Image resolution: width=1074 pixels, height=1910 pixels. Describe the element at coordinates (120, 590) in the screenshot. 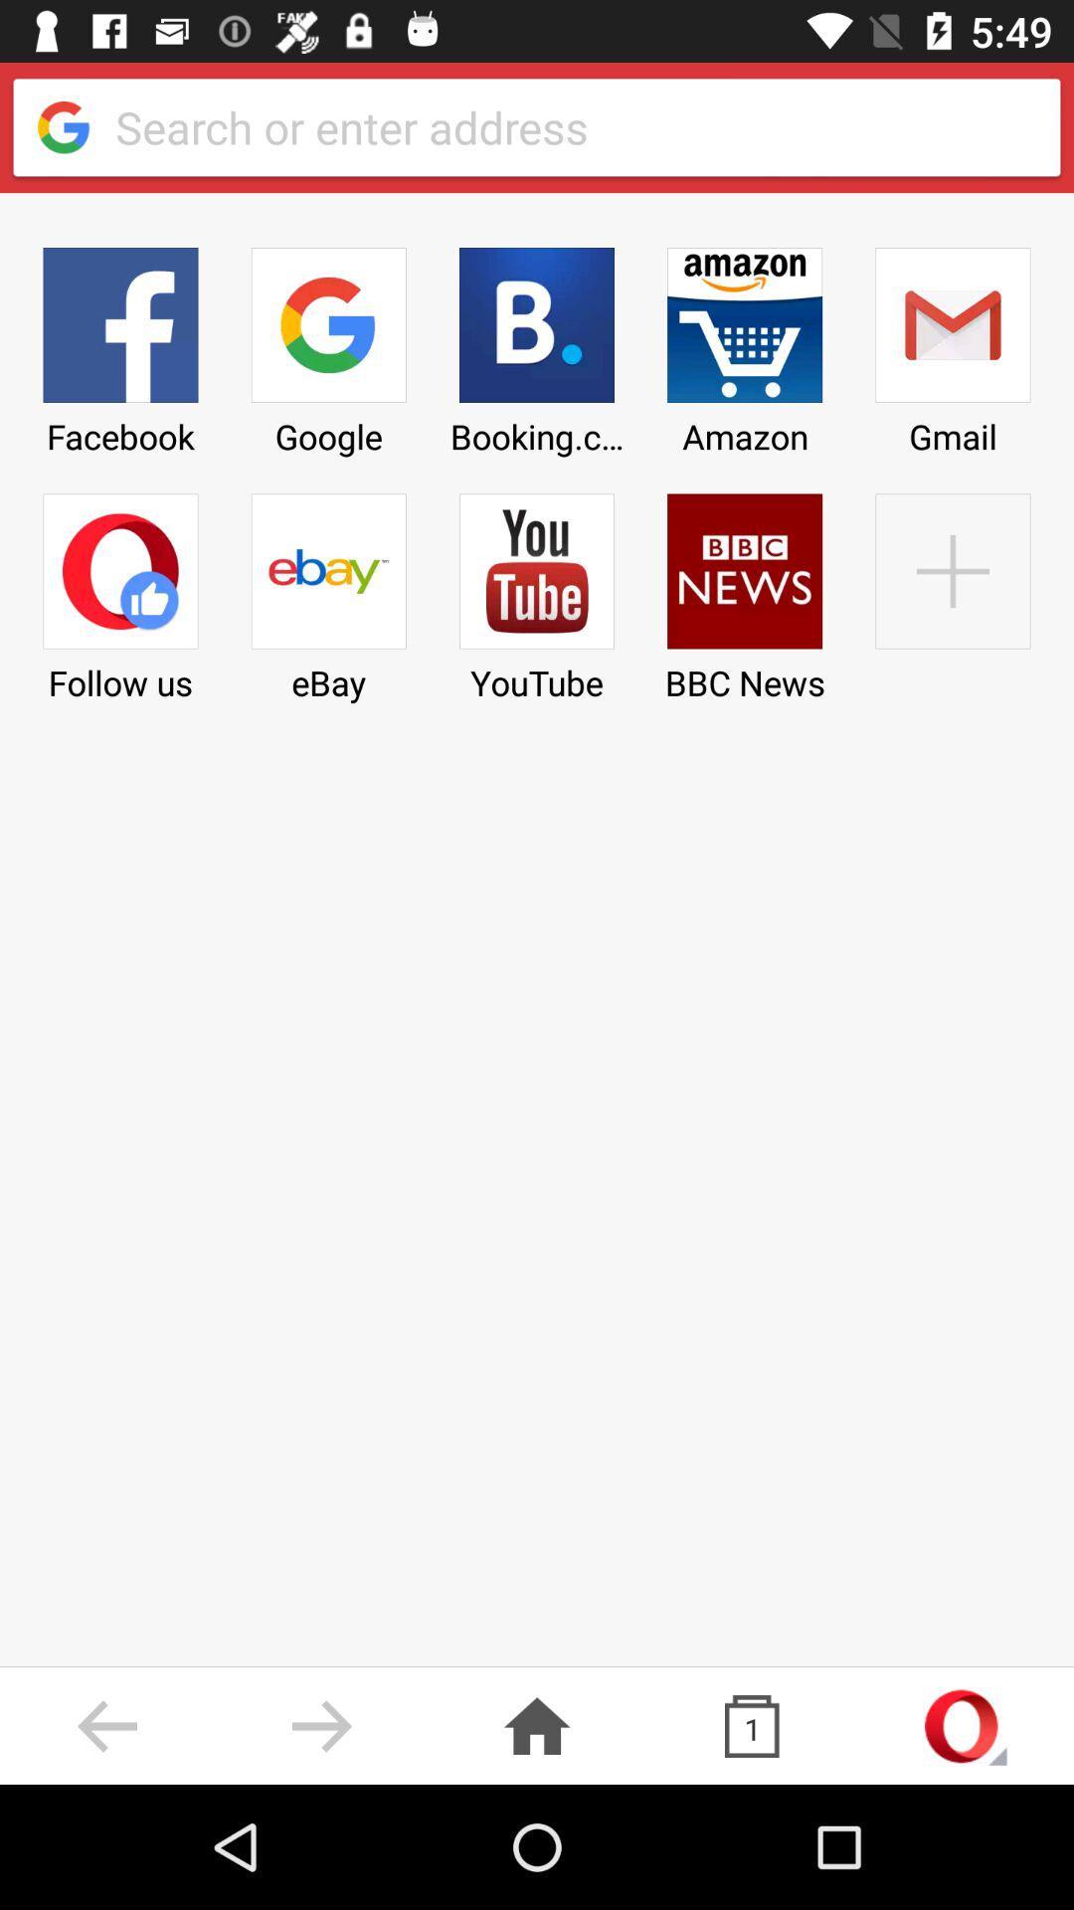

I see `follow us item` at that location.